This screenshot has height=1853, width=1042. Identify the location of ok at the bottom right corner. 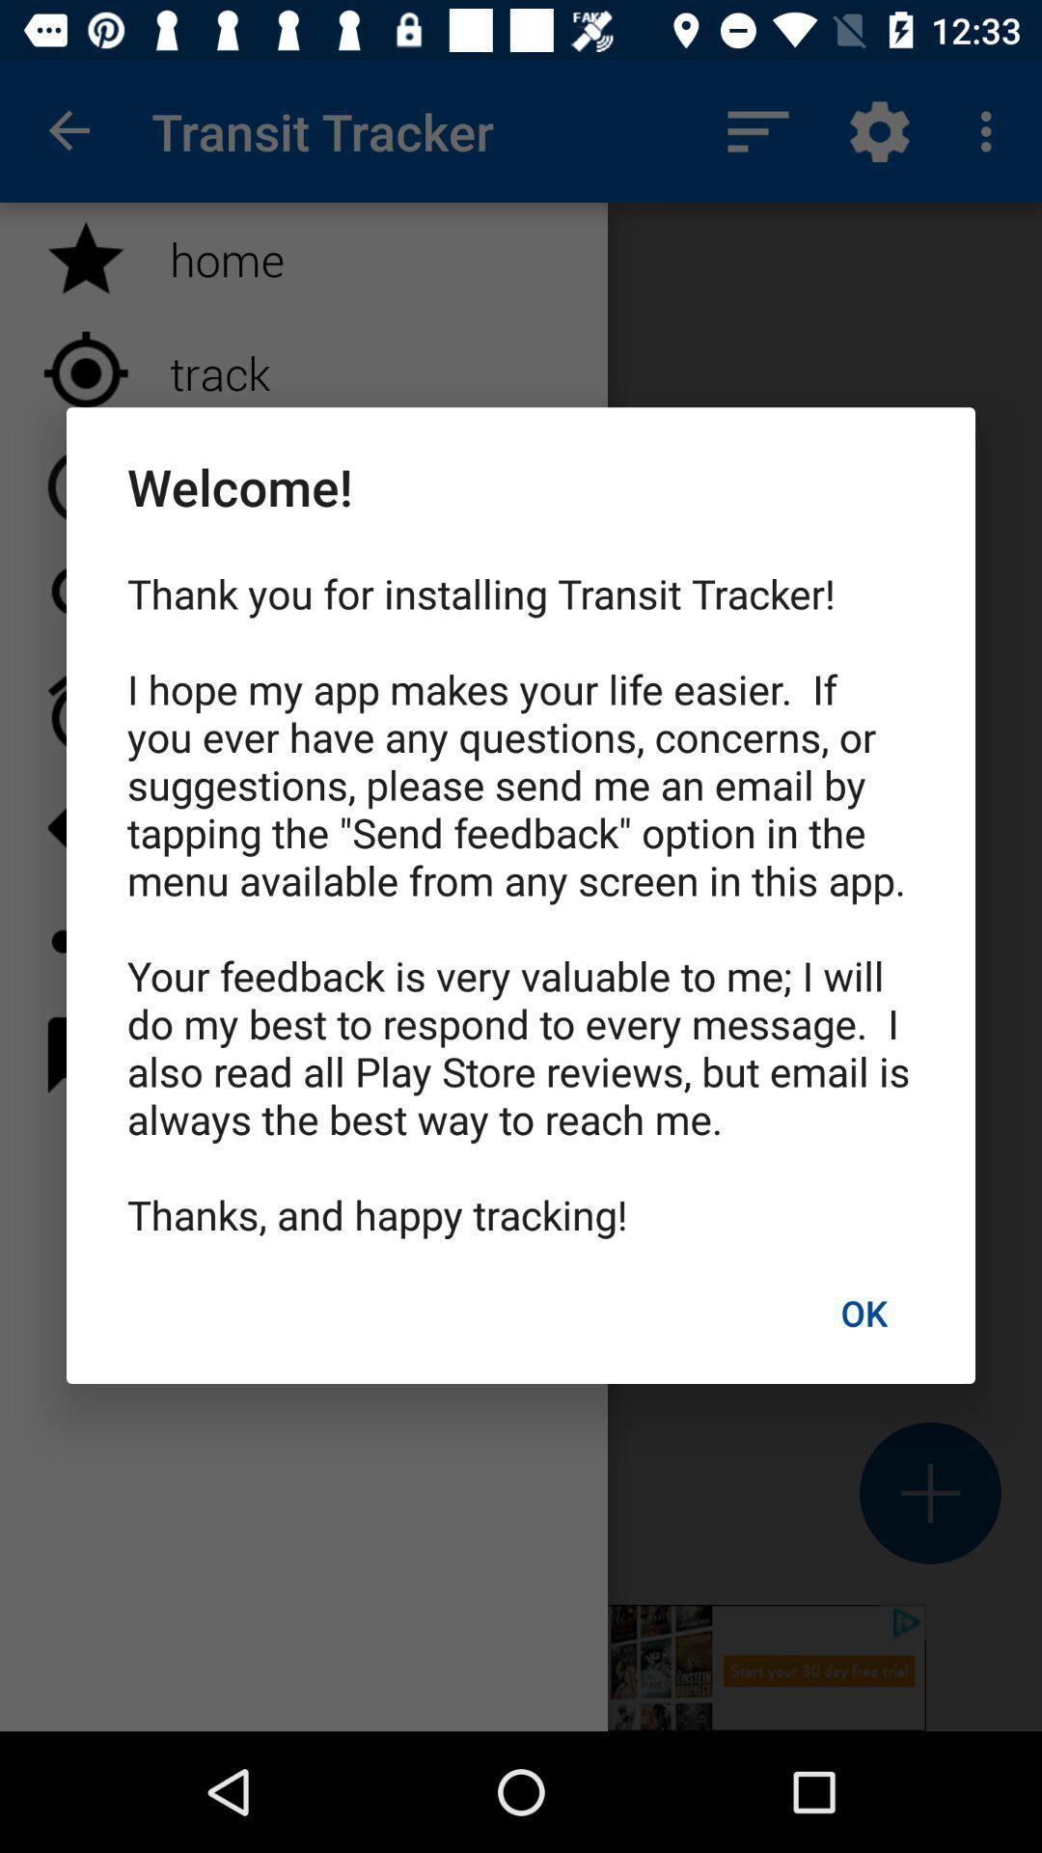
(863, 1313).